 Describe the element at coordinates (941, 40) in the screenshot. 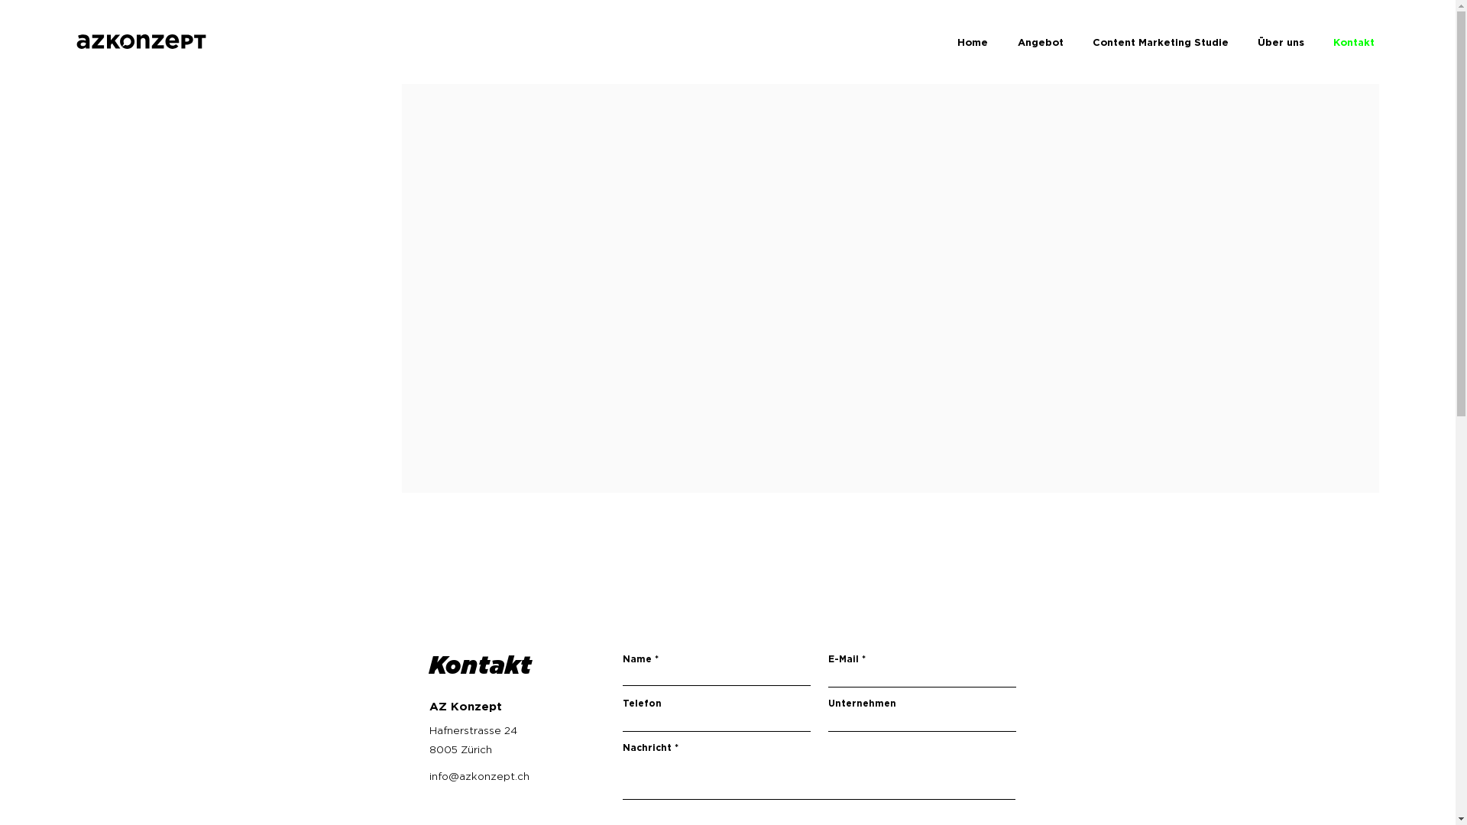

I see `'Home'` at that location.